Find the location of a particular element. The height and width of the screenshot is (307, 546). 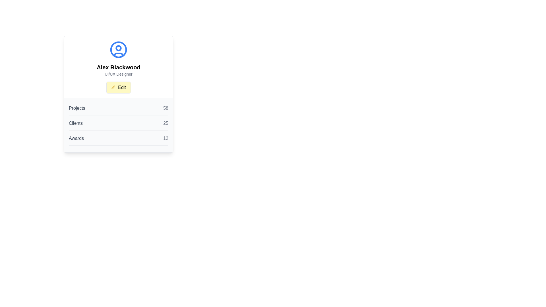

the numerical value '58' displayed in light gray, aligned to the right of the label 'Projects' in the top row of the list is located at coordinates (166, 108).